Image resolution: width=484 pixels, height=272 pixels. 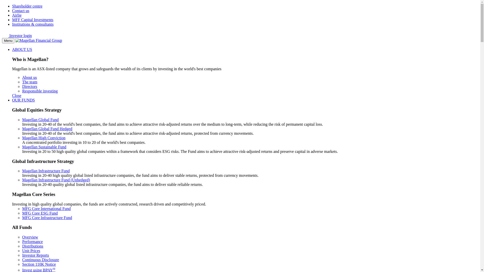 What do you see at coordinates (32, 19) in the screenshot?
I see `'MFF Capital Investments'` at bounding box center [32, 19].